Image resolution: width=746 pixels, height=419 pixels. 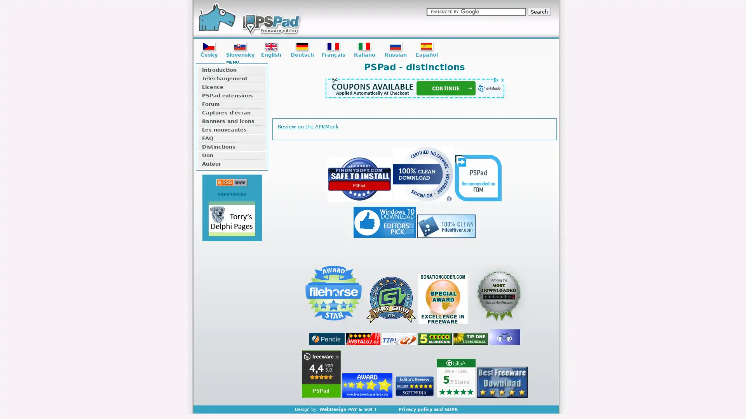 I want to click on Search, so click(x=539, y=12).